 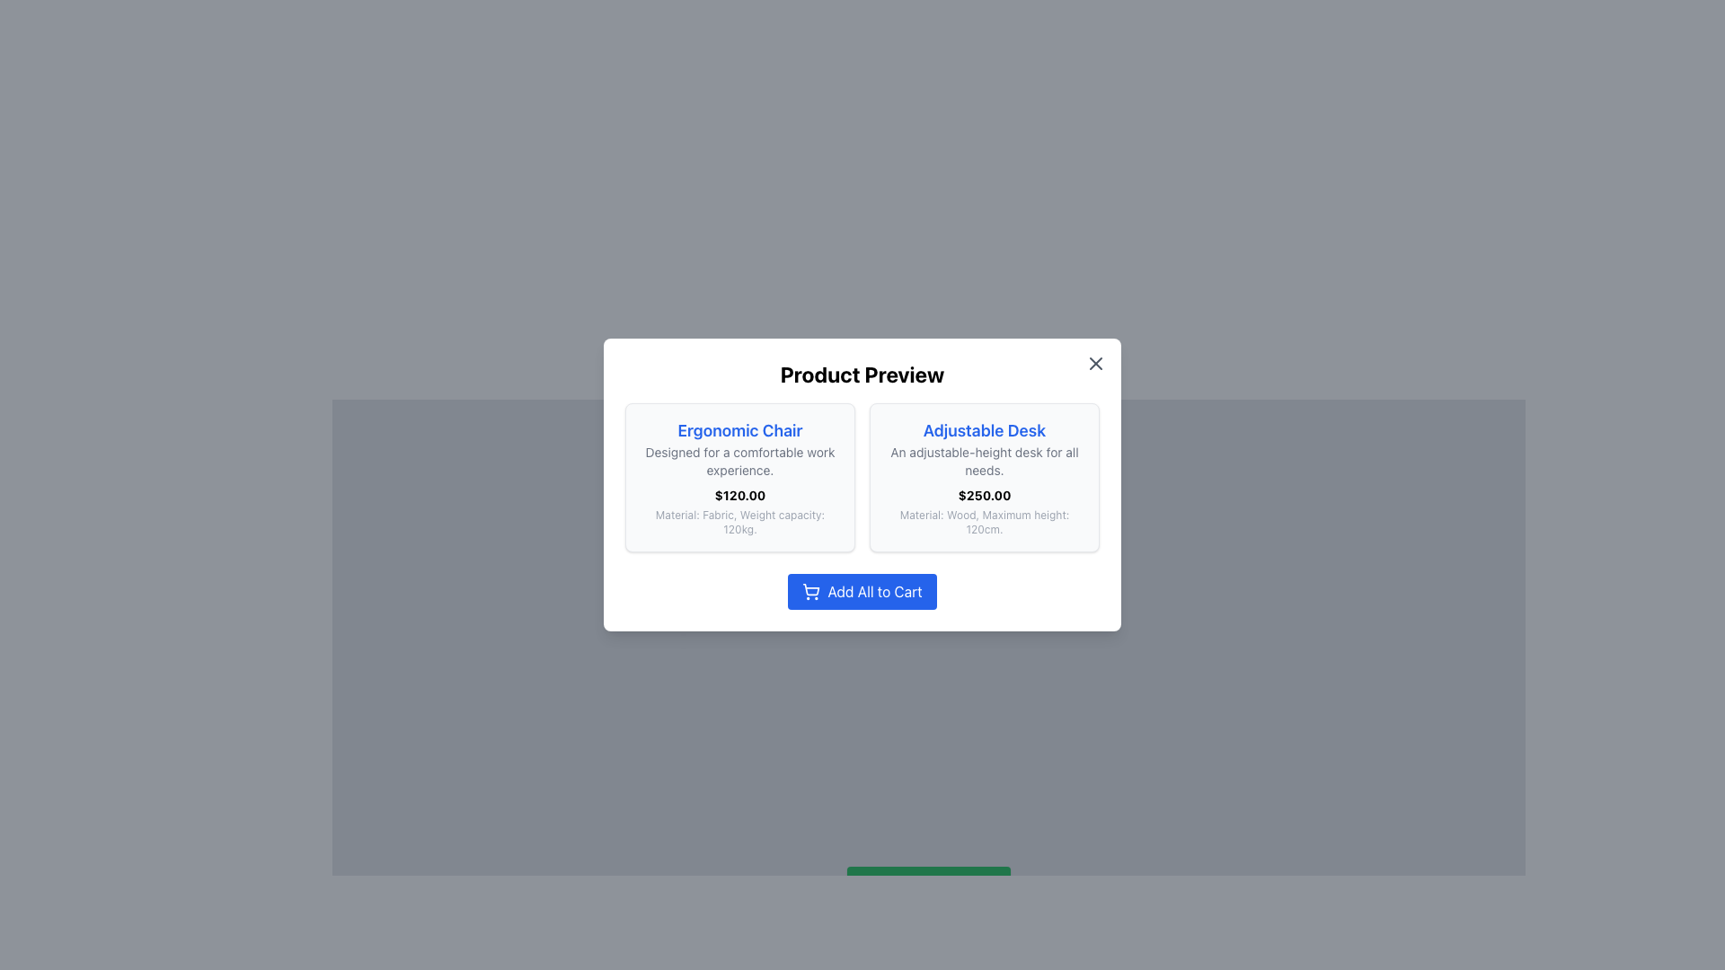 I want to click on the price text label displaying the price of the 'Adjustable Desk' product, located at the bottom-center of the right card in the 'Product Preview' modal, so click(x=983, y=495).